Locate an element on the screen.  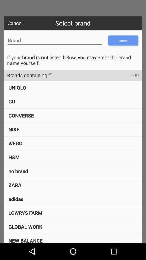
the item next to select brand icon is located at coordinates (15, 23).